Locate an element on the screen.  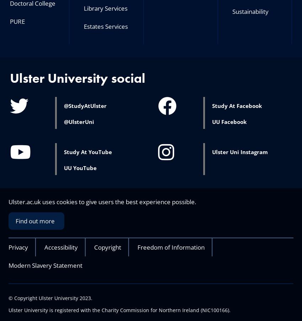
'Accessibility' is located at coordinates (61, 247).